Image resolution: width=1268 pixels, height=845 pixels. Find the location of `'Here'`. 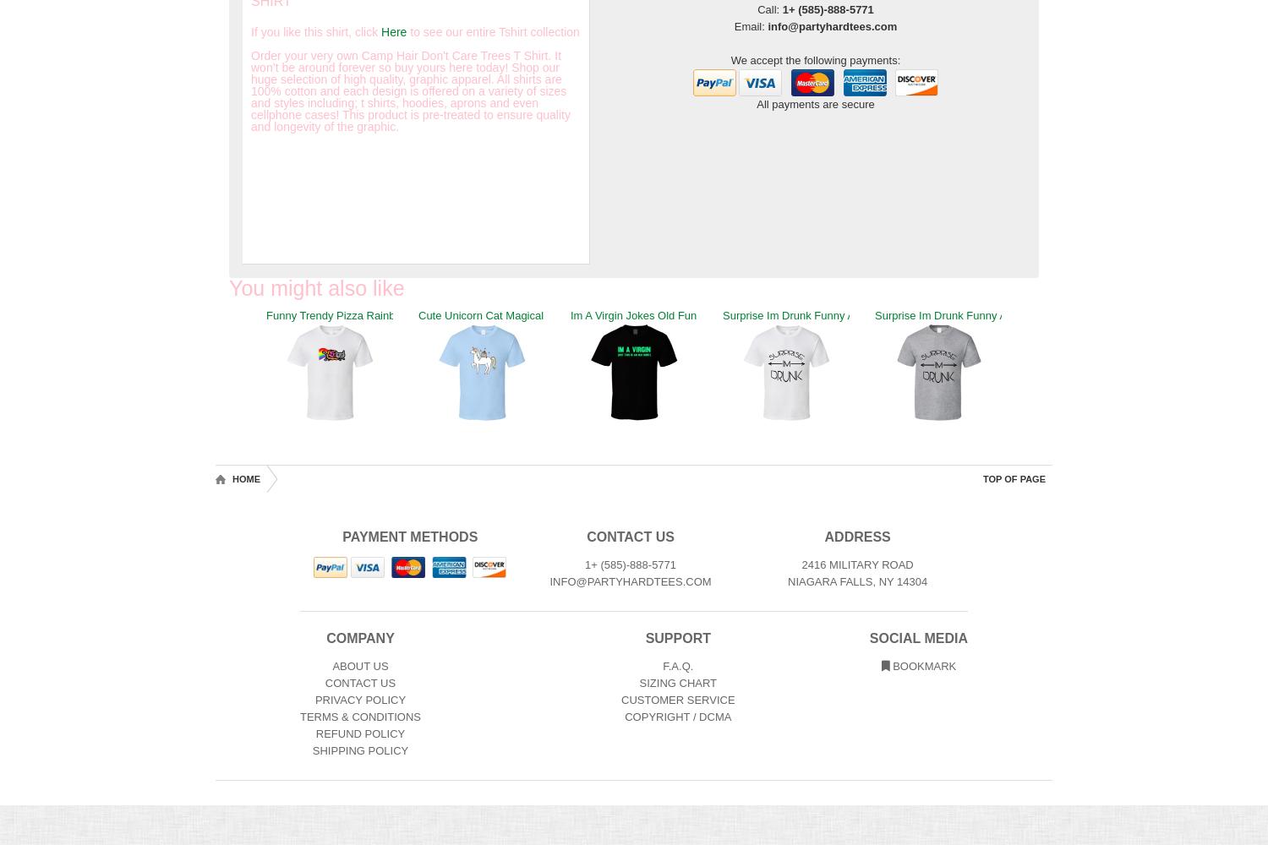

'Here' is located at coordinates (393, 31).